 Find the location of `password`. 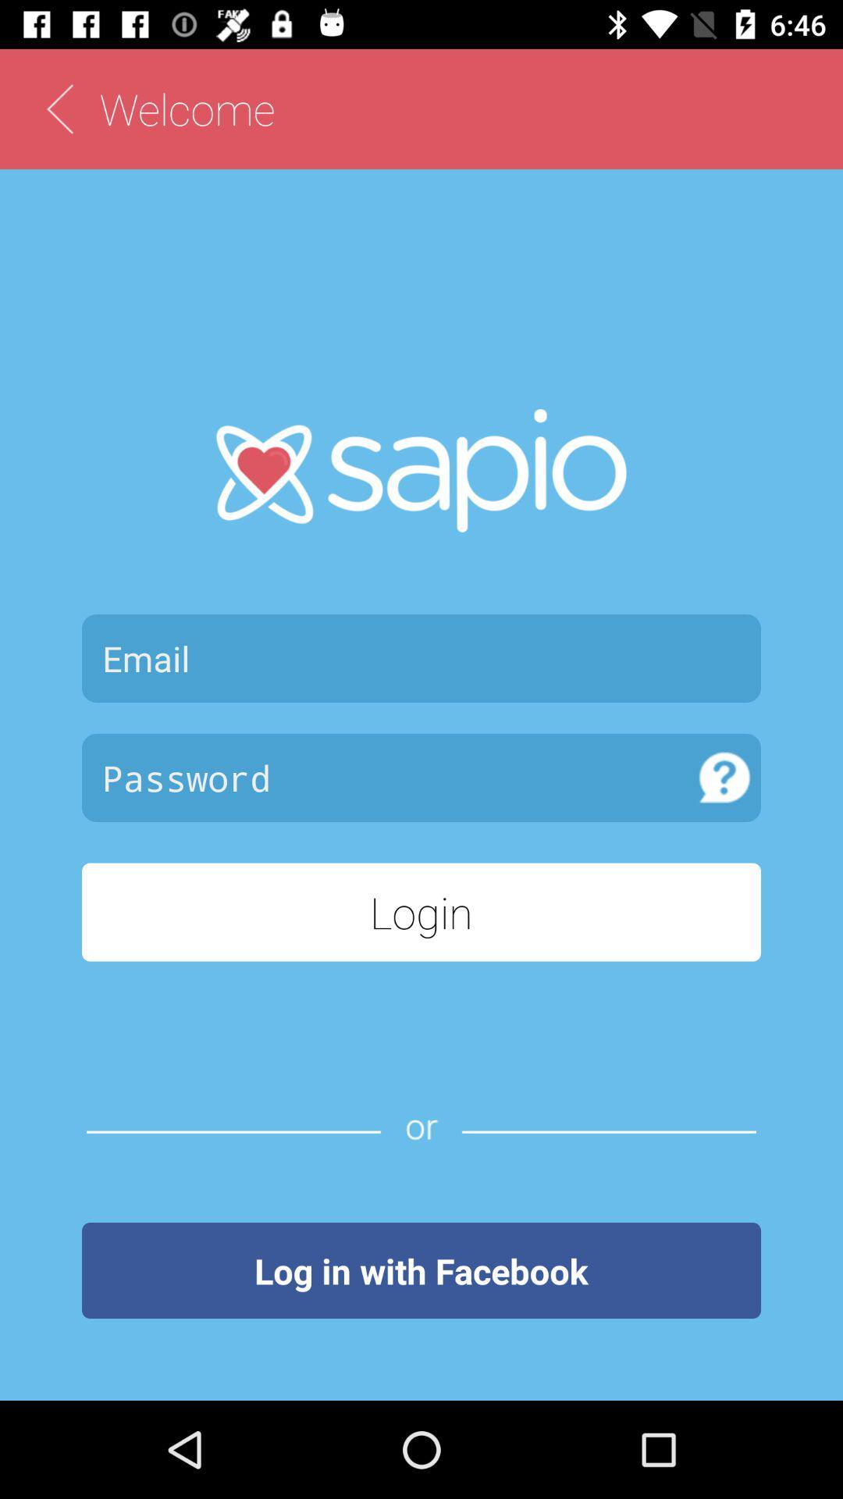

password is located at coordinates (385, 778).